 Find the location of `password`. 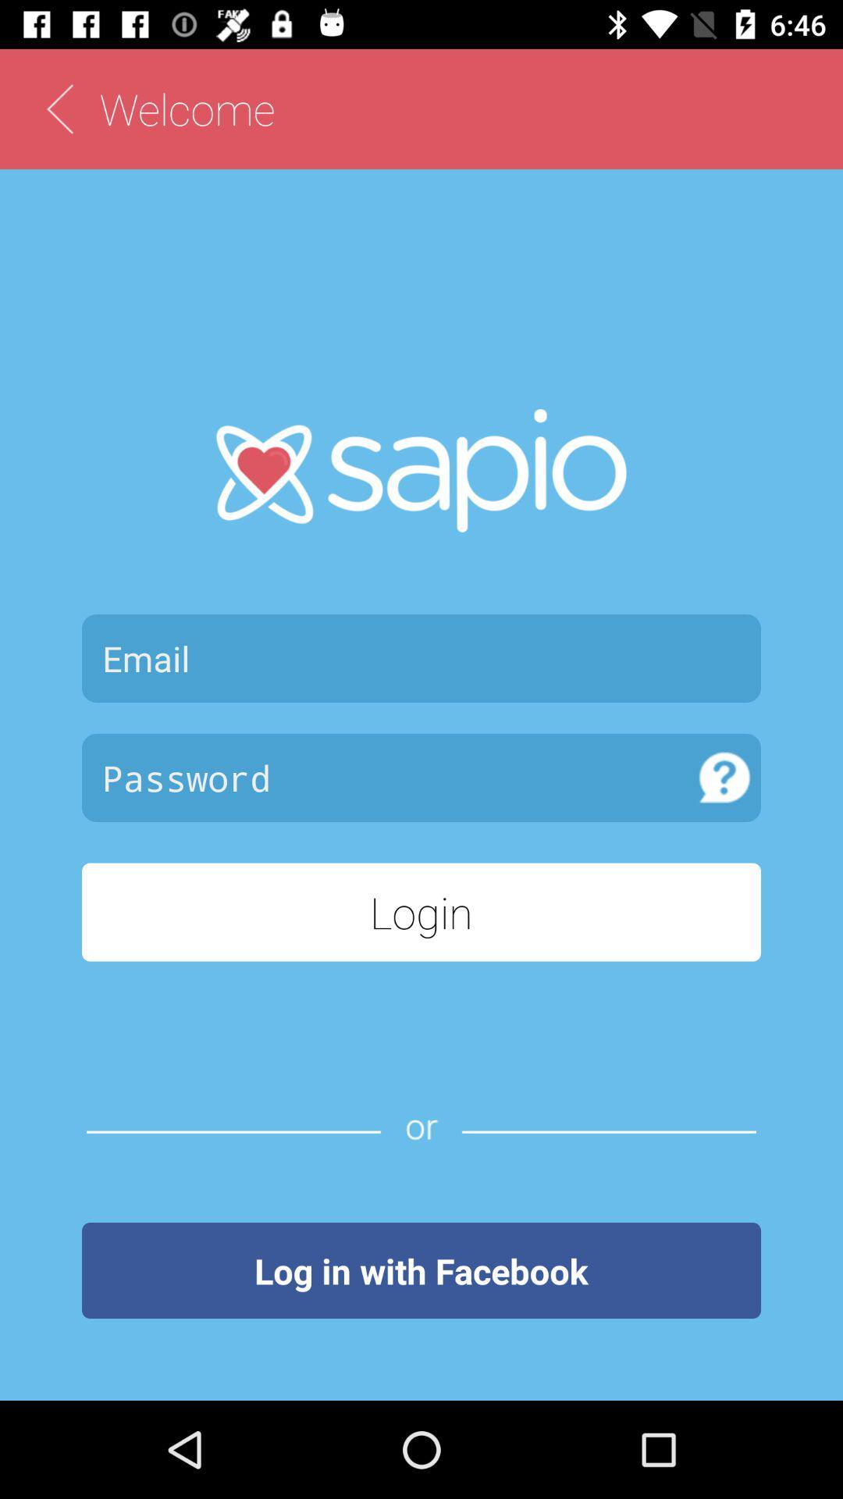

password is located at coordinates (385, 778).